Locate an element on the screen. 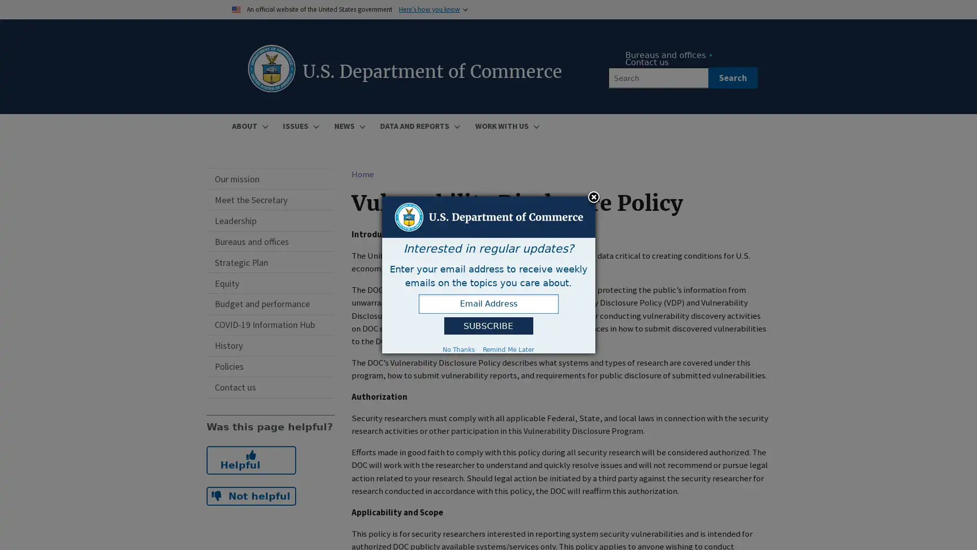  WORK WITH US is located at coordinates (505, 125).